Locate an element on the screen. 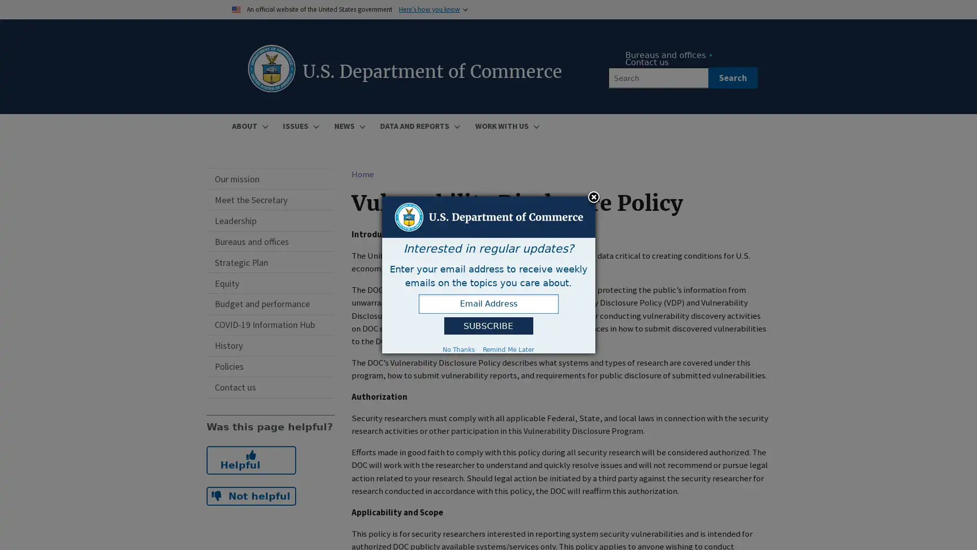  WORK WITH US is located at coordinates (505, 125).